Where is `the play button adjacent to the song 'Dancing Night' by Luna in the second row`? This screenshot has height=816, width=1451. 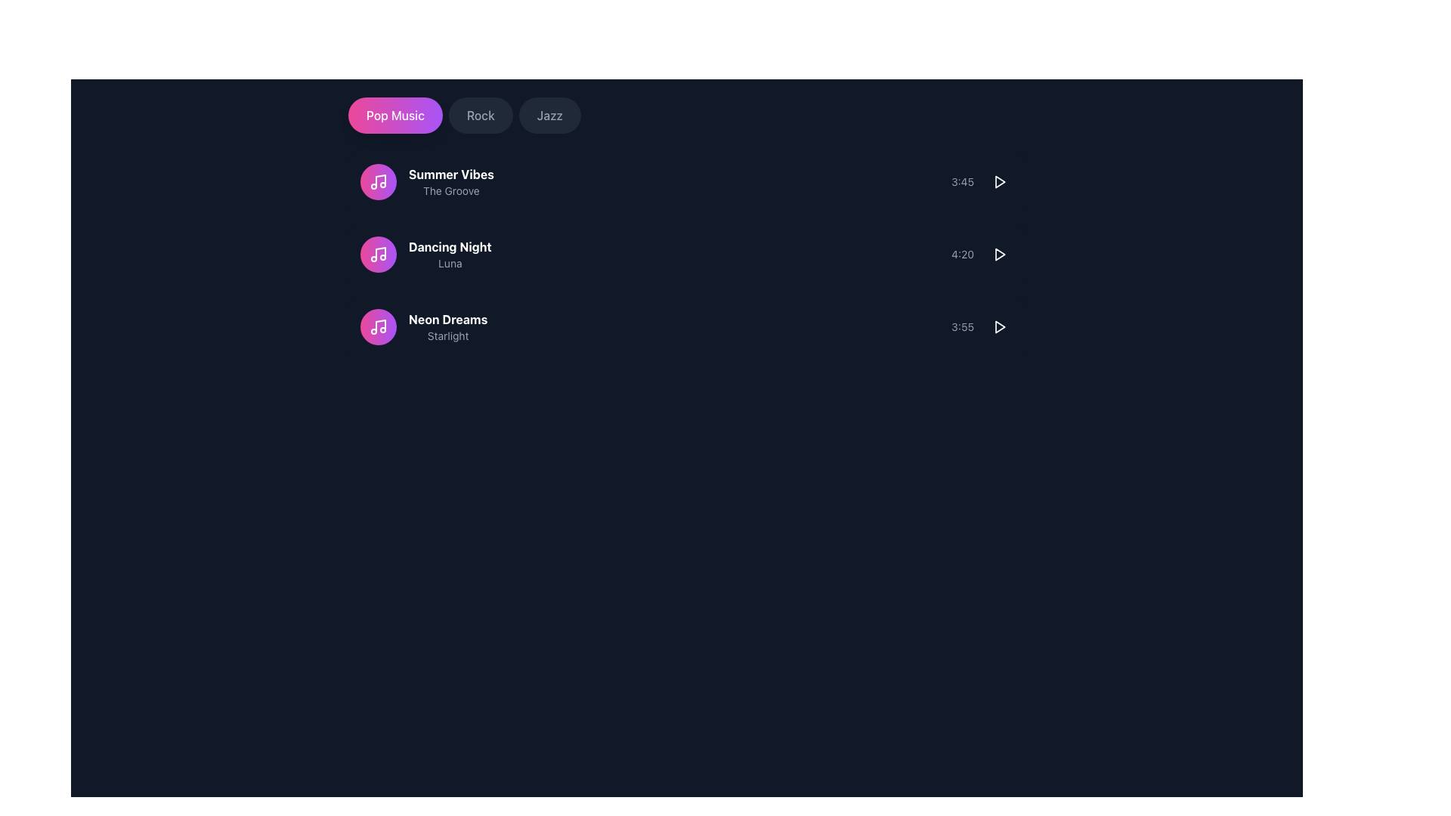 the play button adjacent to the song 'Dancing Night' by Luna in the second row is located at coordinates (1000, 253).